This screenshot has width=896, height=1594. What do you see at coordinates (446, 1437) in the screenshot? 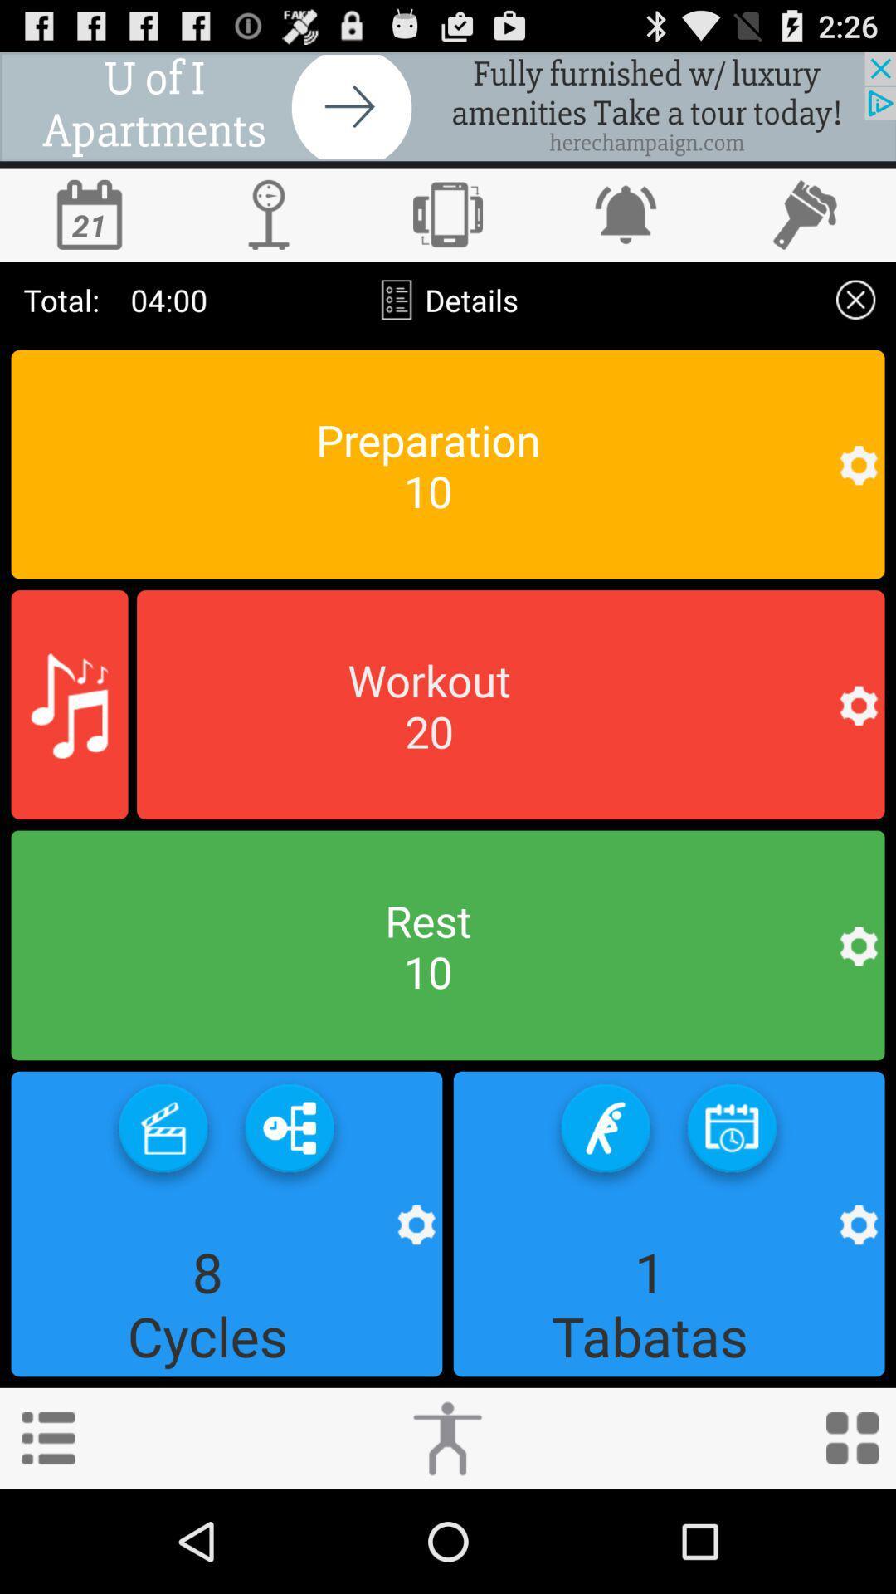
I see `workout icon` at bounding box center [446, 1437].